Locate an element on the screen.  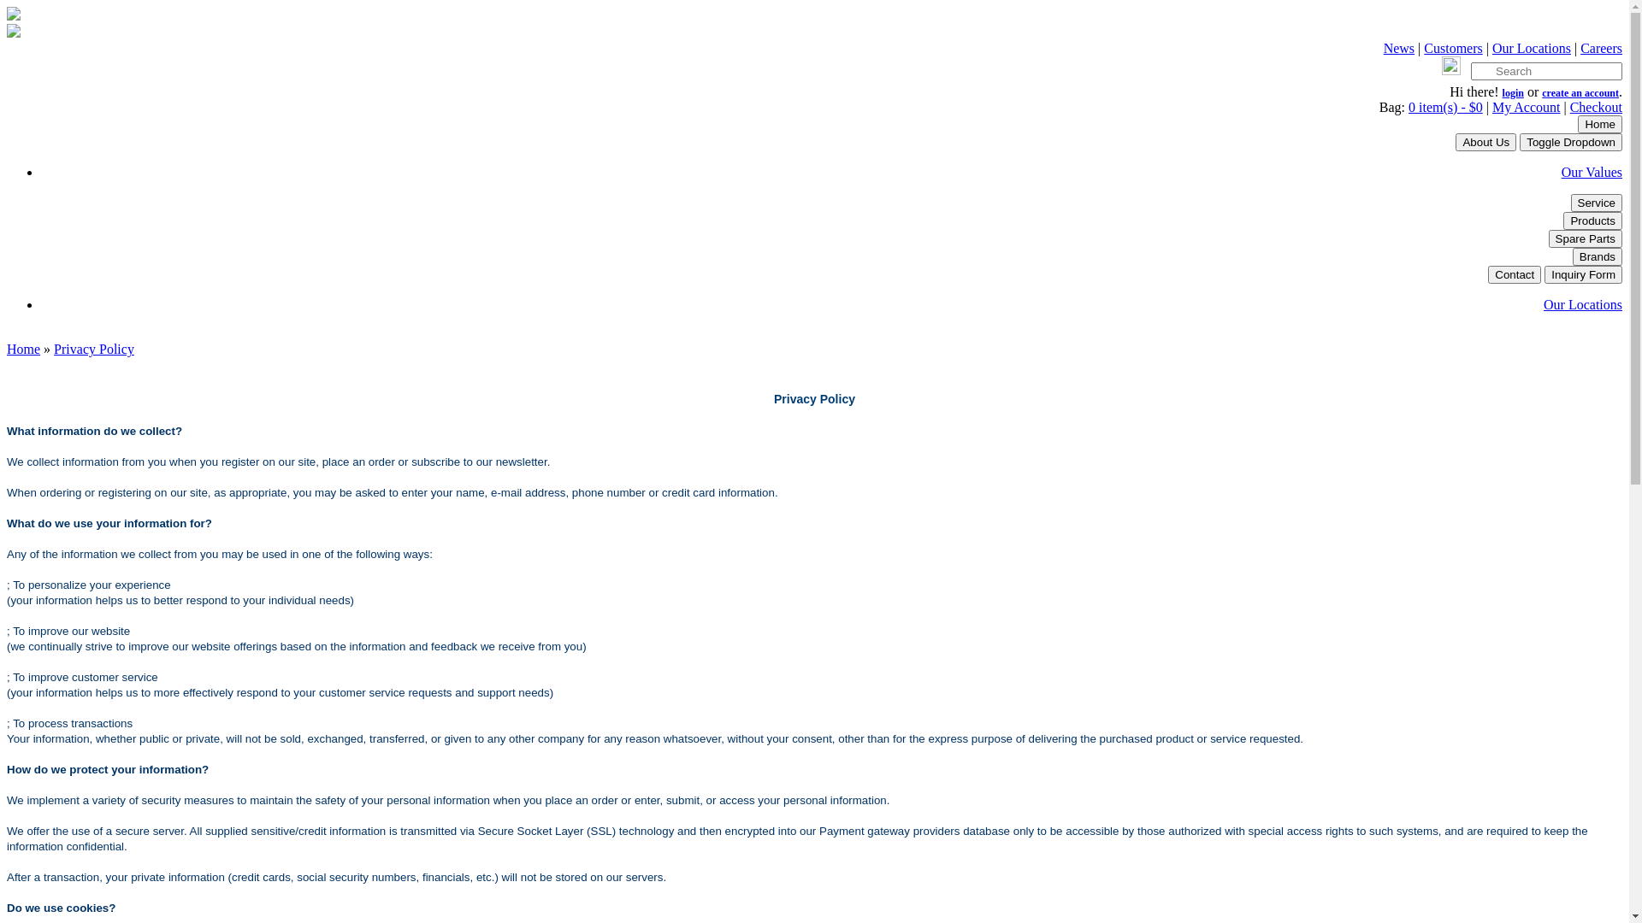
'0 item(s) - $0' is located at coordinates (1444, 107).